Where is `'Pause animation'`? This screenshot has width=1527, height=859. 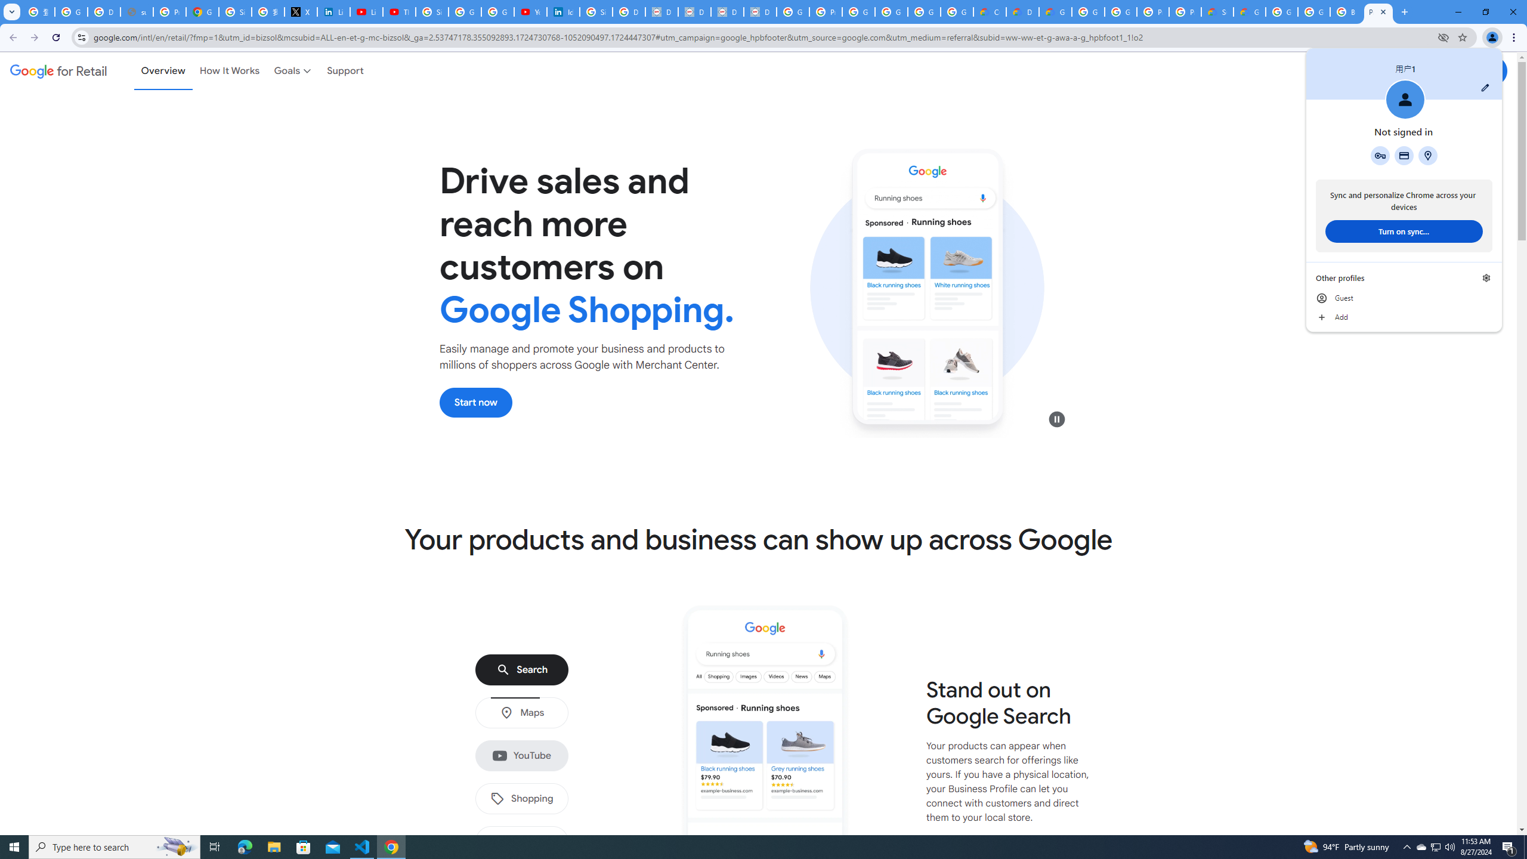 'Pause animation' is located at coordinates (1057, 418).